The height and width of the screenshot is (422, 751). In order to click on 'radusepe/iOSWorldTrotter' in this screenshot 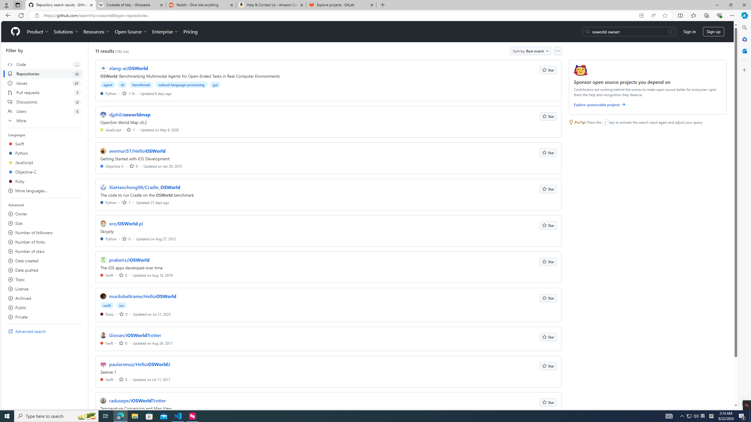, I will do `click(137, 401)`.